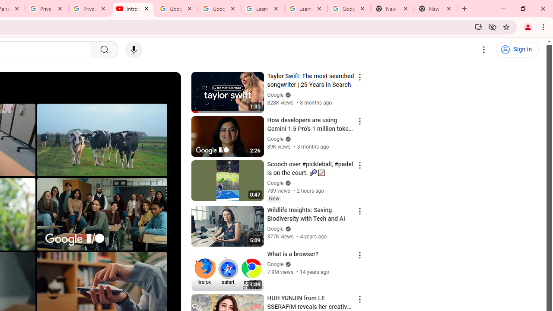  I want to click on 'Action menu', so click(359, 299).